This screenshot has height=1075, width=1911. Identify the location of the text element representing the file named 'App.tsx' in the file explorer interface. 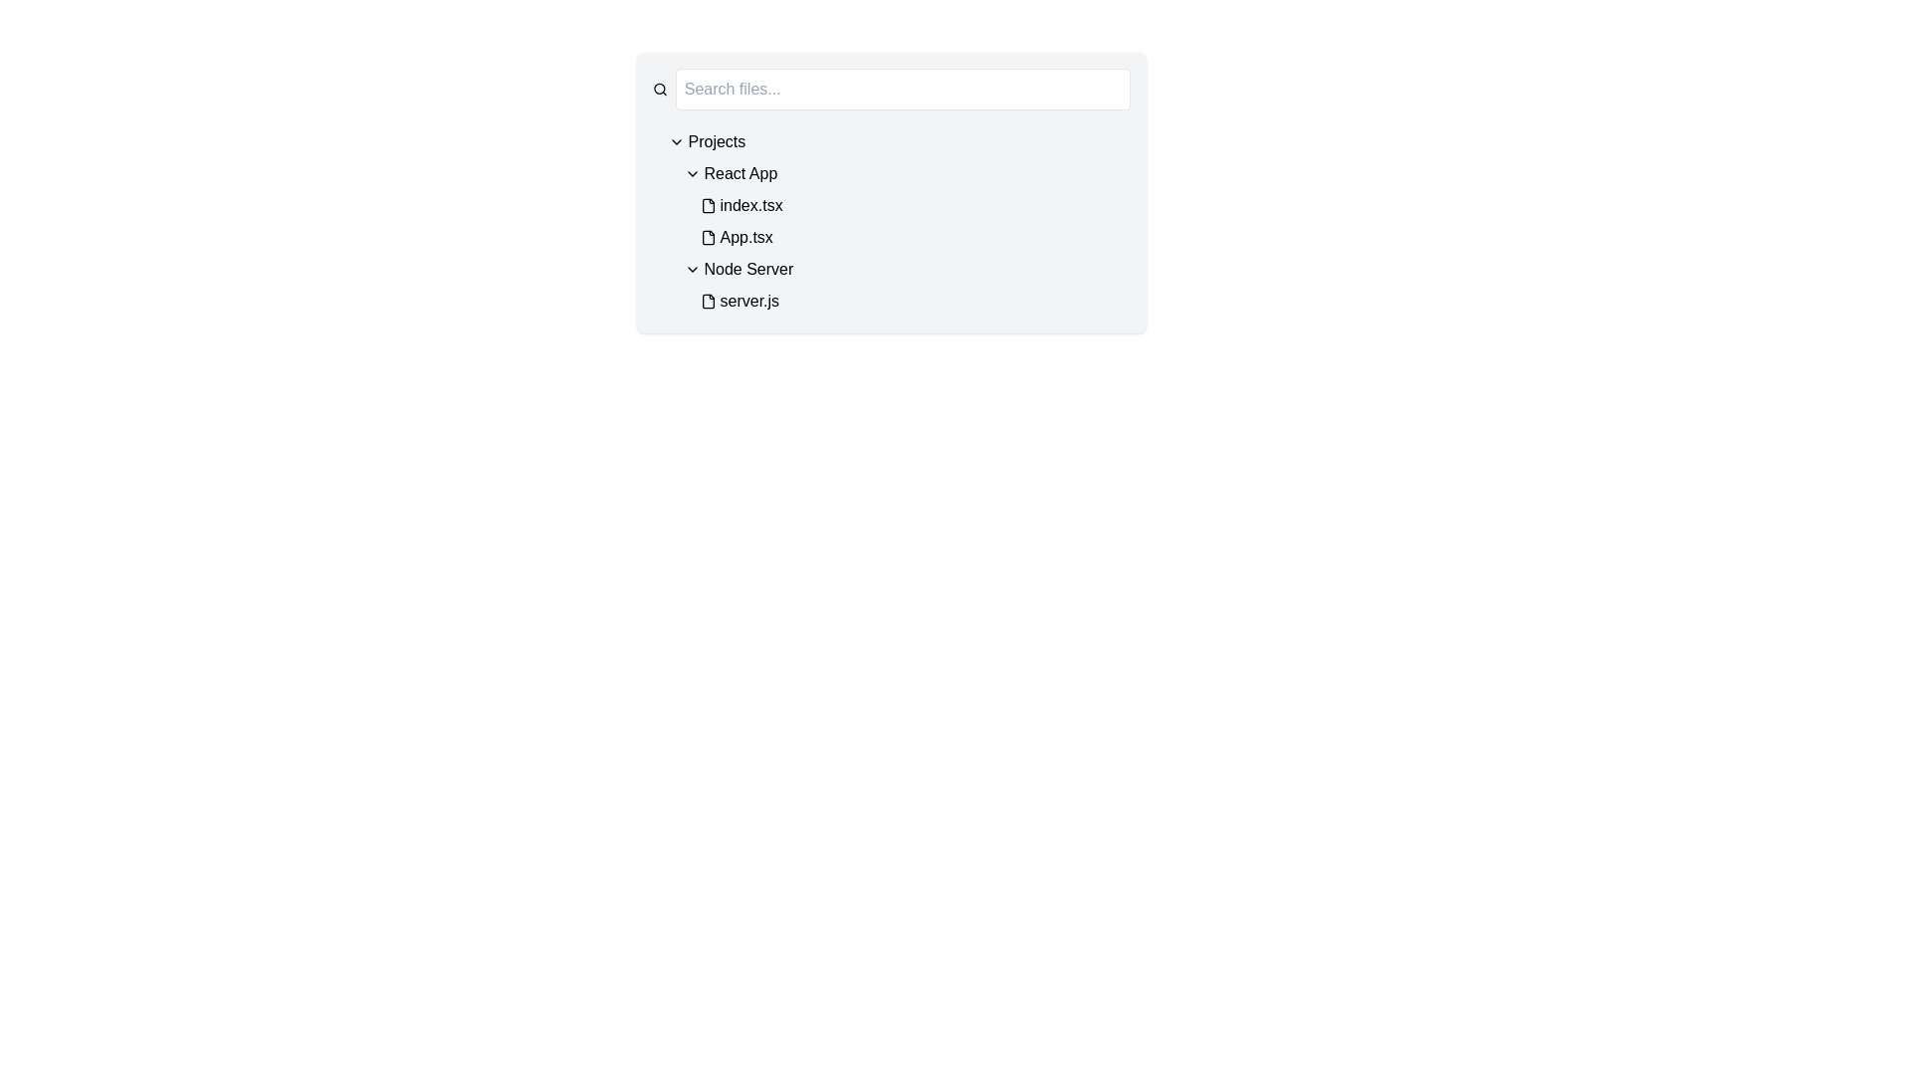
(745, 237).